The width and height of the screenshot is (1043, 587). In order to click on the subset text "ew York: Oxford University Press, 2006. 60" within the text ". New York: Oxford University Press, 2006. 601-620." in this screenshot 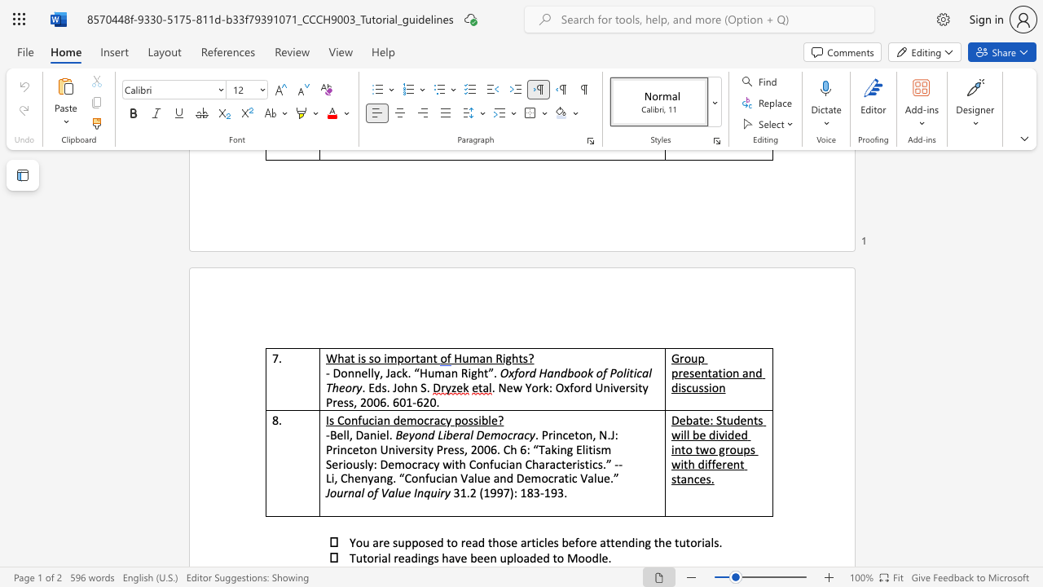, I will do `click(505, 387)`.